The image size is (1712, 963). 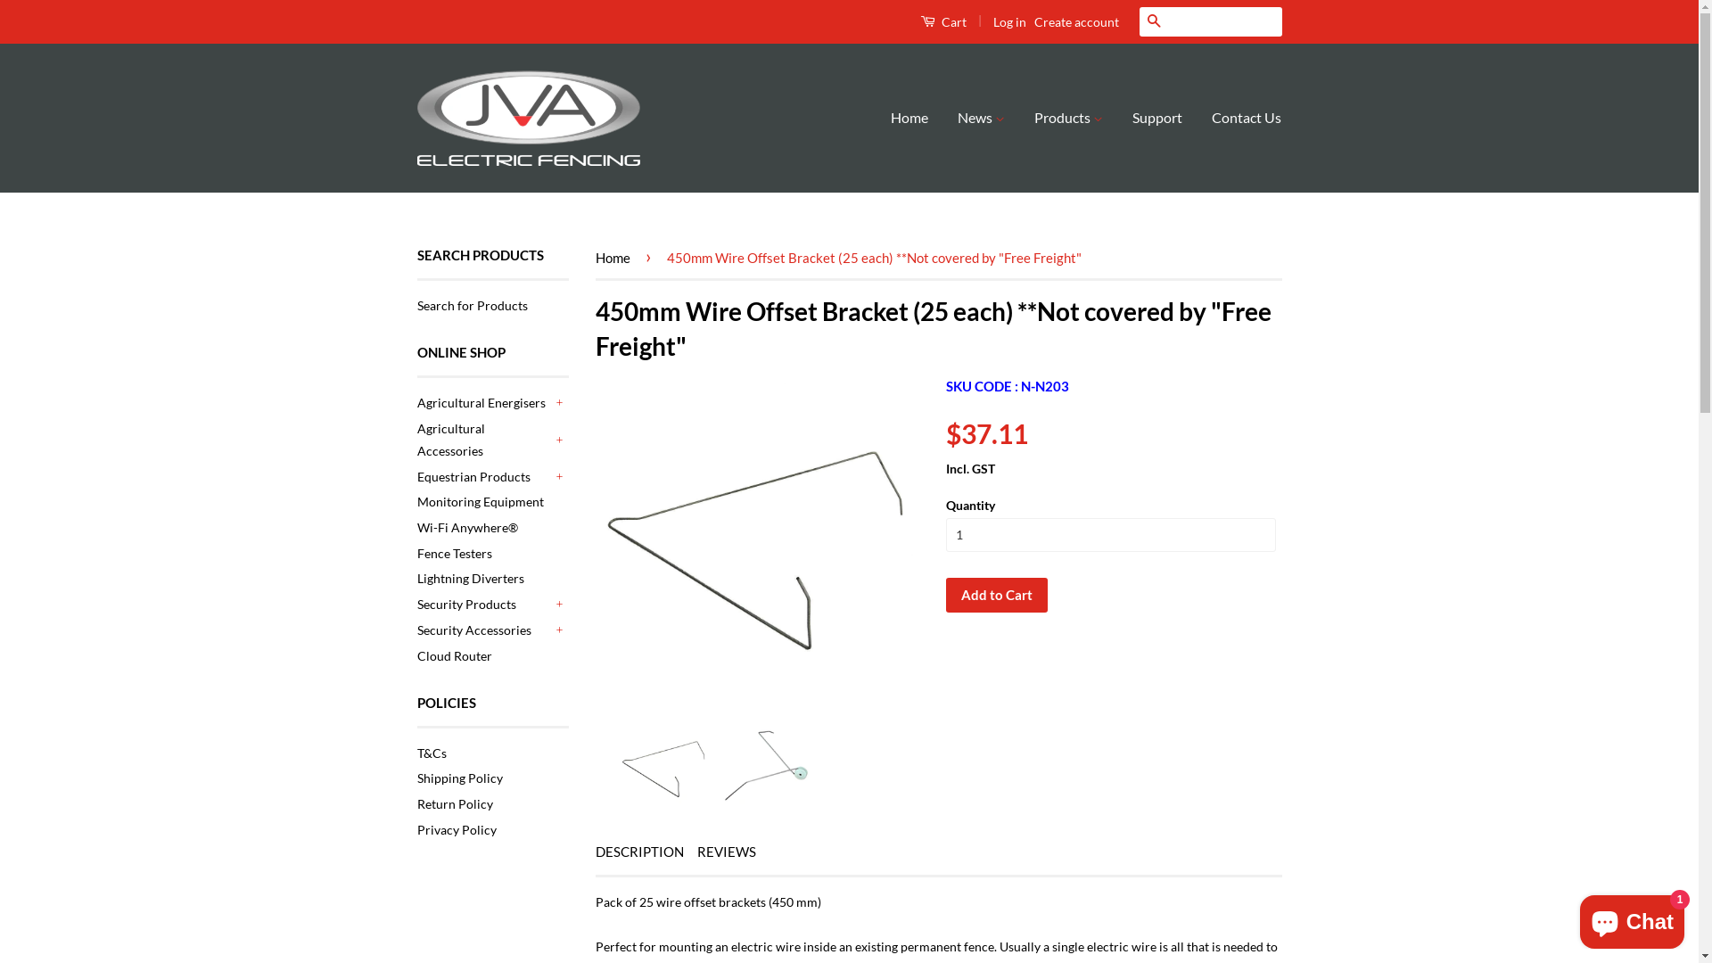 I want to click on 'REVIEWS', so click(x=727, y=851).